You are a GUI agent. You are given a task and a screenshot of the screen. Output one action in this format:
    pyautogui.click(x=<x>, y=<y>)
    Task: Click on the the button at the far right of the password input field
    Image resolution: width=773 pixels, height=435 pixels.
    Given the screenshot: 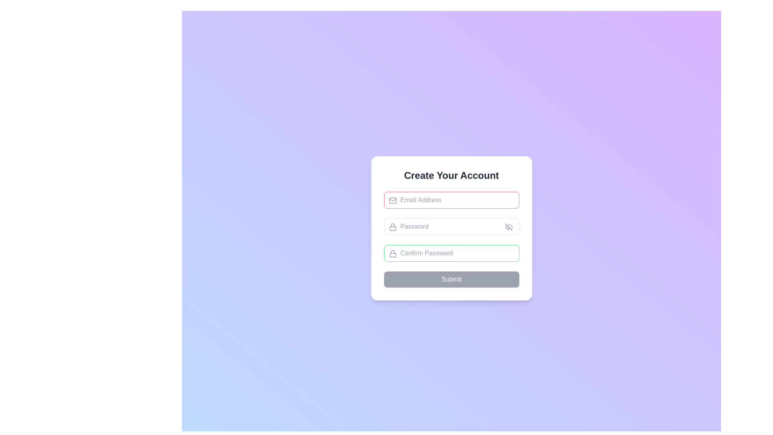 What is the action you would take?
    pyautogui.click(x=508, y=227)
    